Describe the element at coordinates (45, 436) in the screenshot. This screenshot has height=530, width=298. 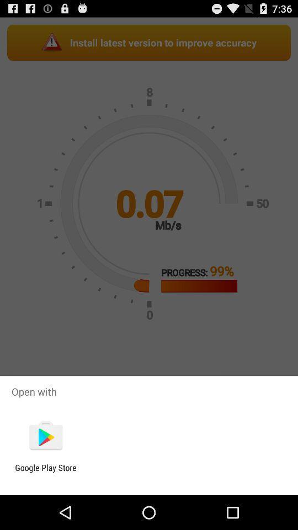
I see `icon above the google play store` at that location.